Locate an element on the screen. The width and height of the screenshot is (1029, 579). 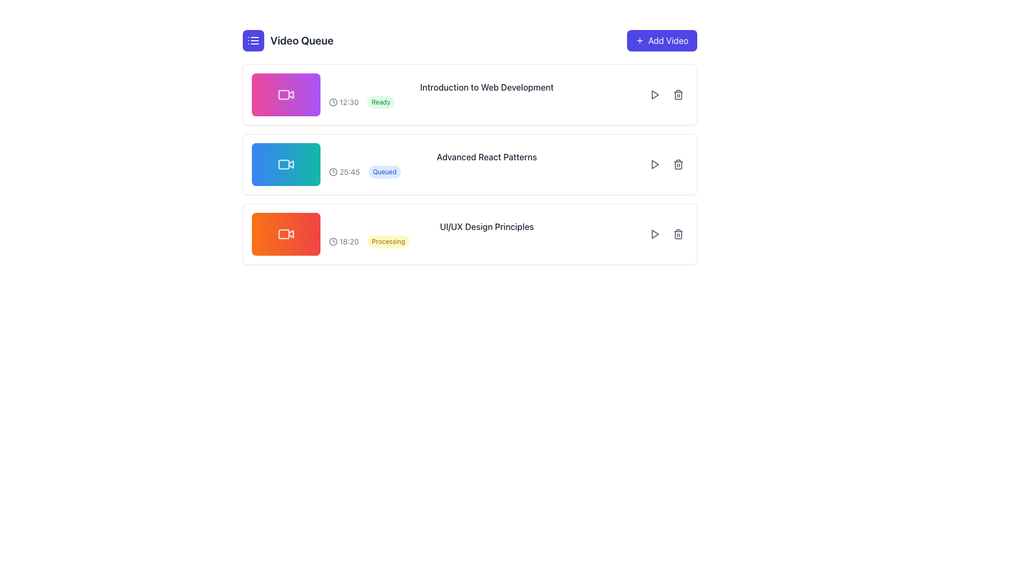
the icon located on the left side of the 'Video Queue' header, which serves as a title for the section is located at coordinates (288, 40).